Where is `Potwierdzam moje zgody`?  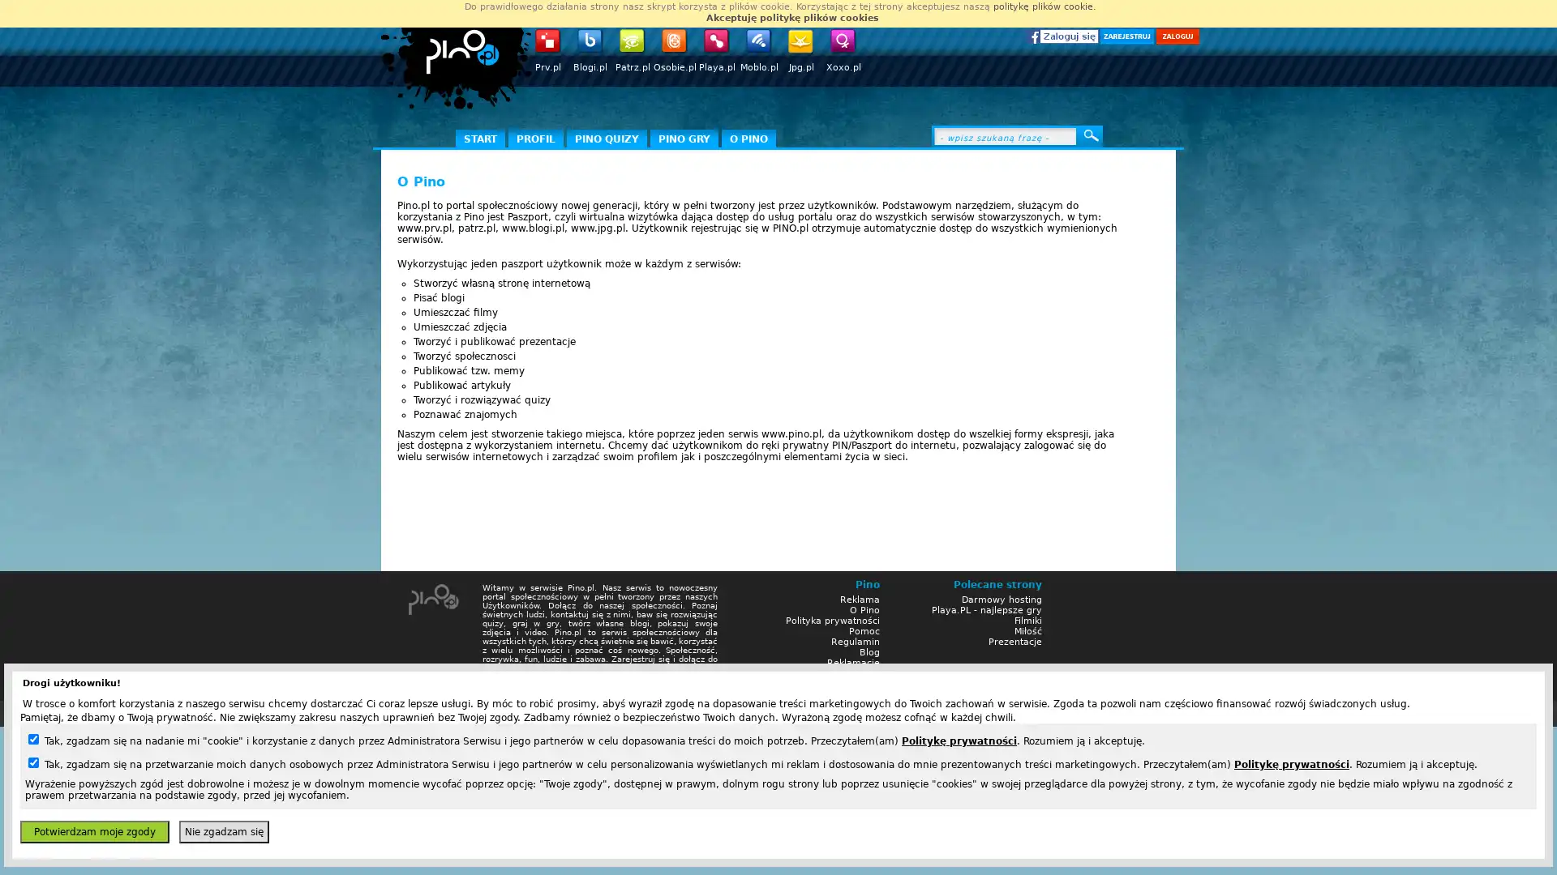 Potwierdzam moje zgody is located at coordinates (93, 831).